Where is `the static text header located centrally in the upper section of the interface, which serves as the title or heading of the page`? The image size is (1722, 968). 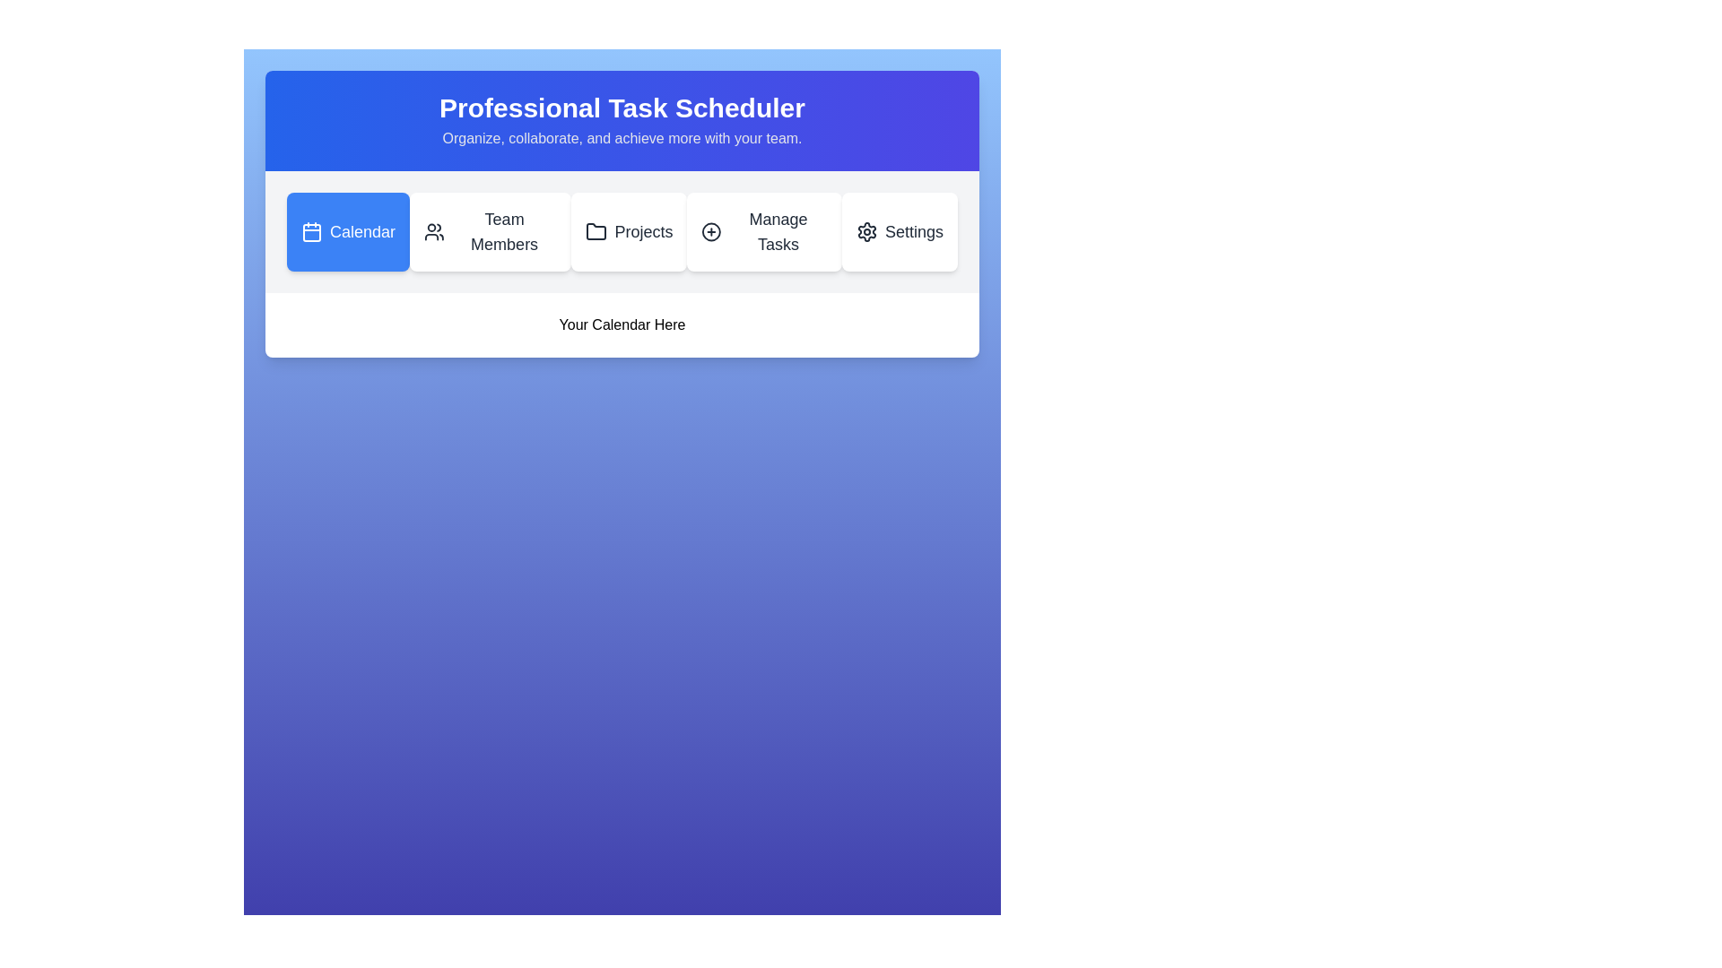
the static text header located centrally in the upper section of the interface, which serves as the title or heading of the page is located at coordinates (622, 108).